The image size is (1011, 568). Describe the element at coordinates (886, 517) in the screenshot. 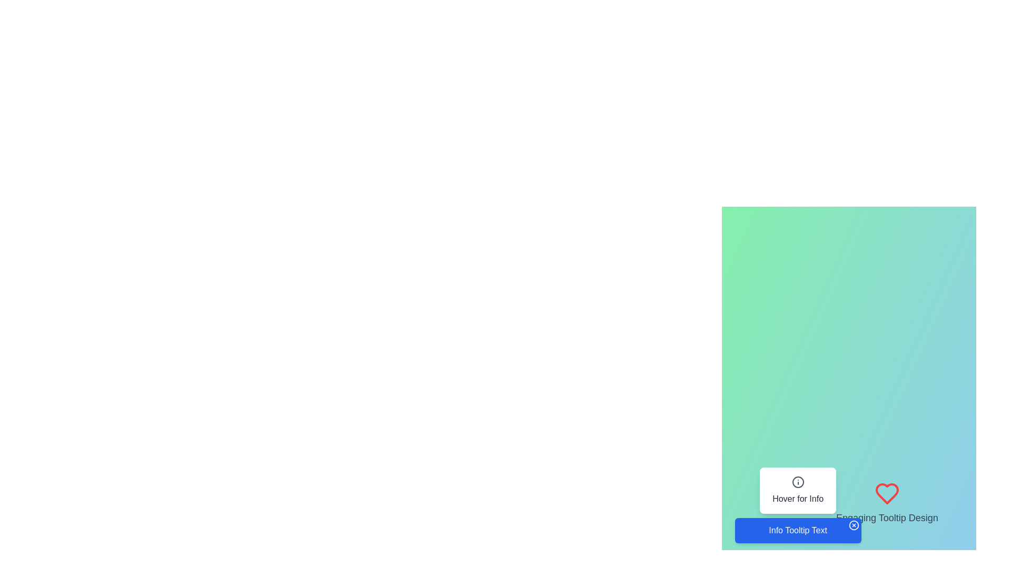

I see `the text label displaying 'Engaging Tooltip Design', which is styled in light gray and positioned beneath a heart icon in the bottom-right portion of the interface` at that location.